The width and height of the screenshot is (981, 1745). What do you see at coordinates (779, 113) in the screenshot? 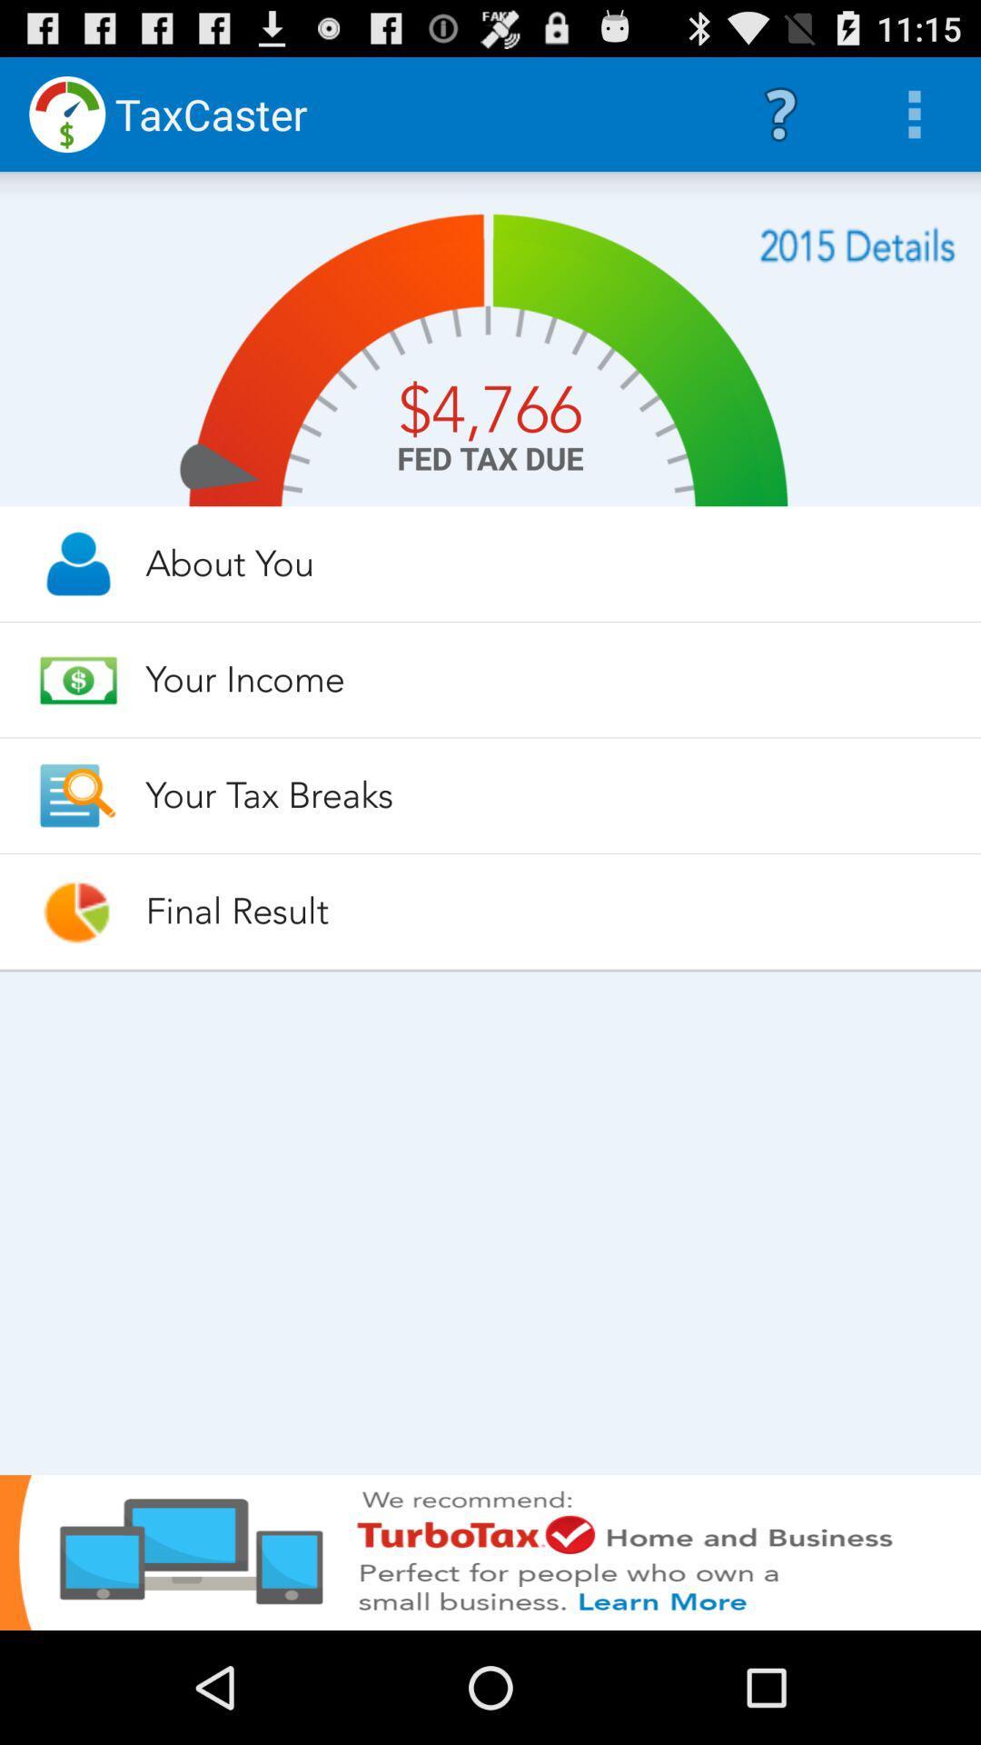
I see `the icon to the right of the taxcaster icon` at bounding box center [779, 113].